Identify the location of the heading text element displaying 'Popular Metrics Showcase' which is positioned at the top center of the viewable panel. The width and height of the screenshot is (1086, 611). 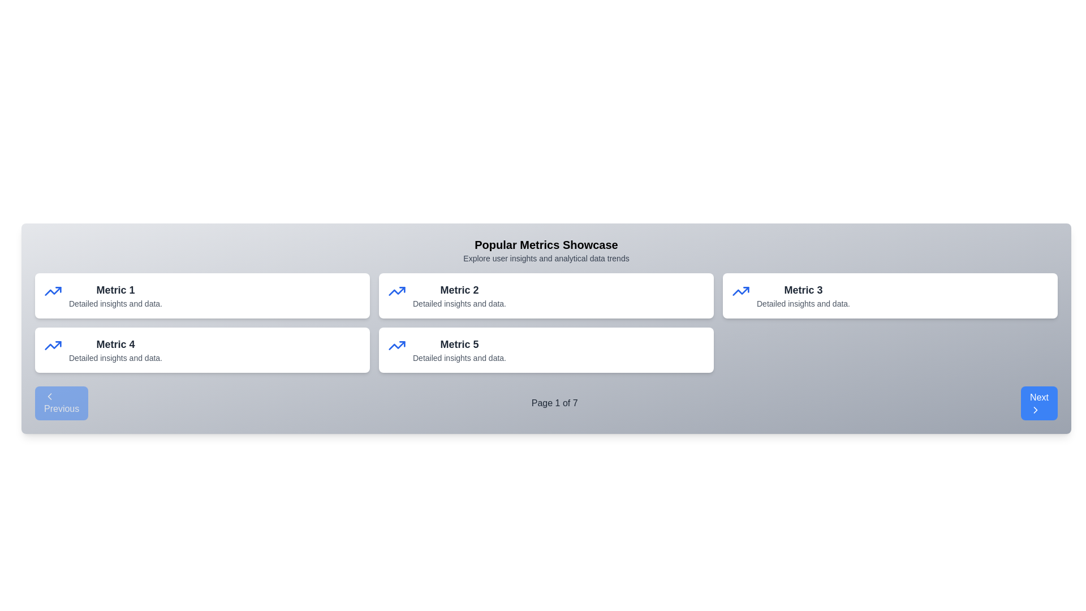
(546, 244).